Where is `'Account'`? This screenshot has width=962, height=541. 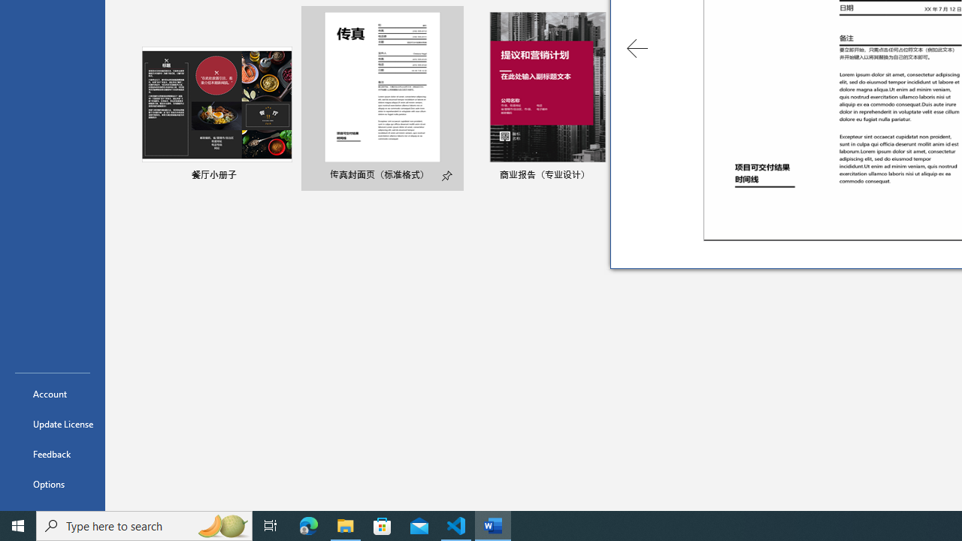
'Account' is located at coordinates (52, 393).